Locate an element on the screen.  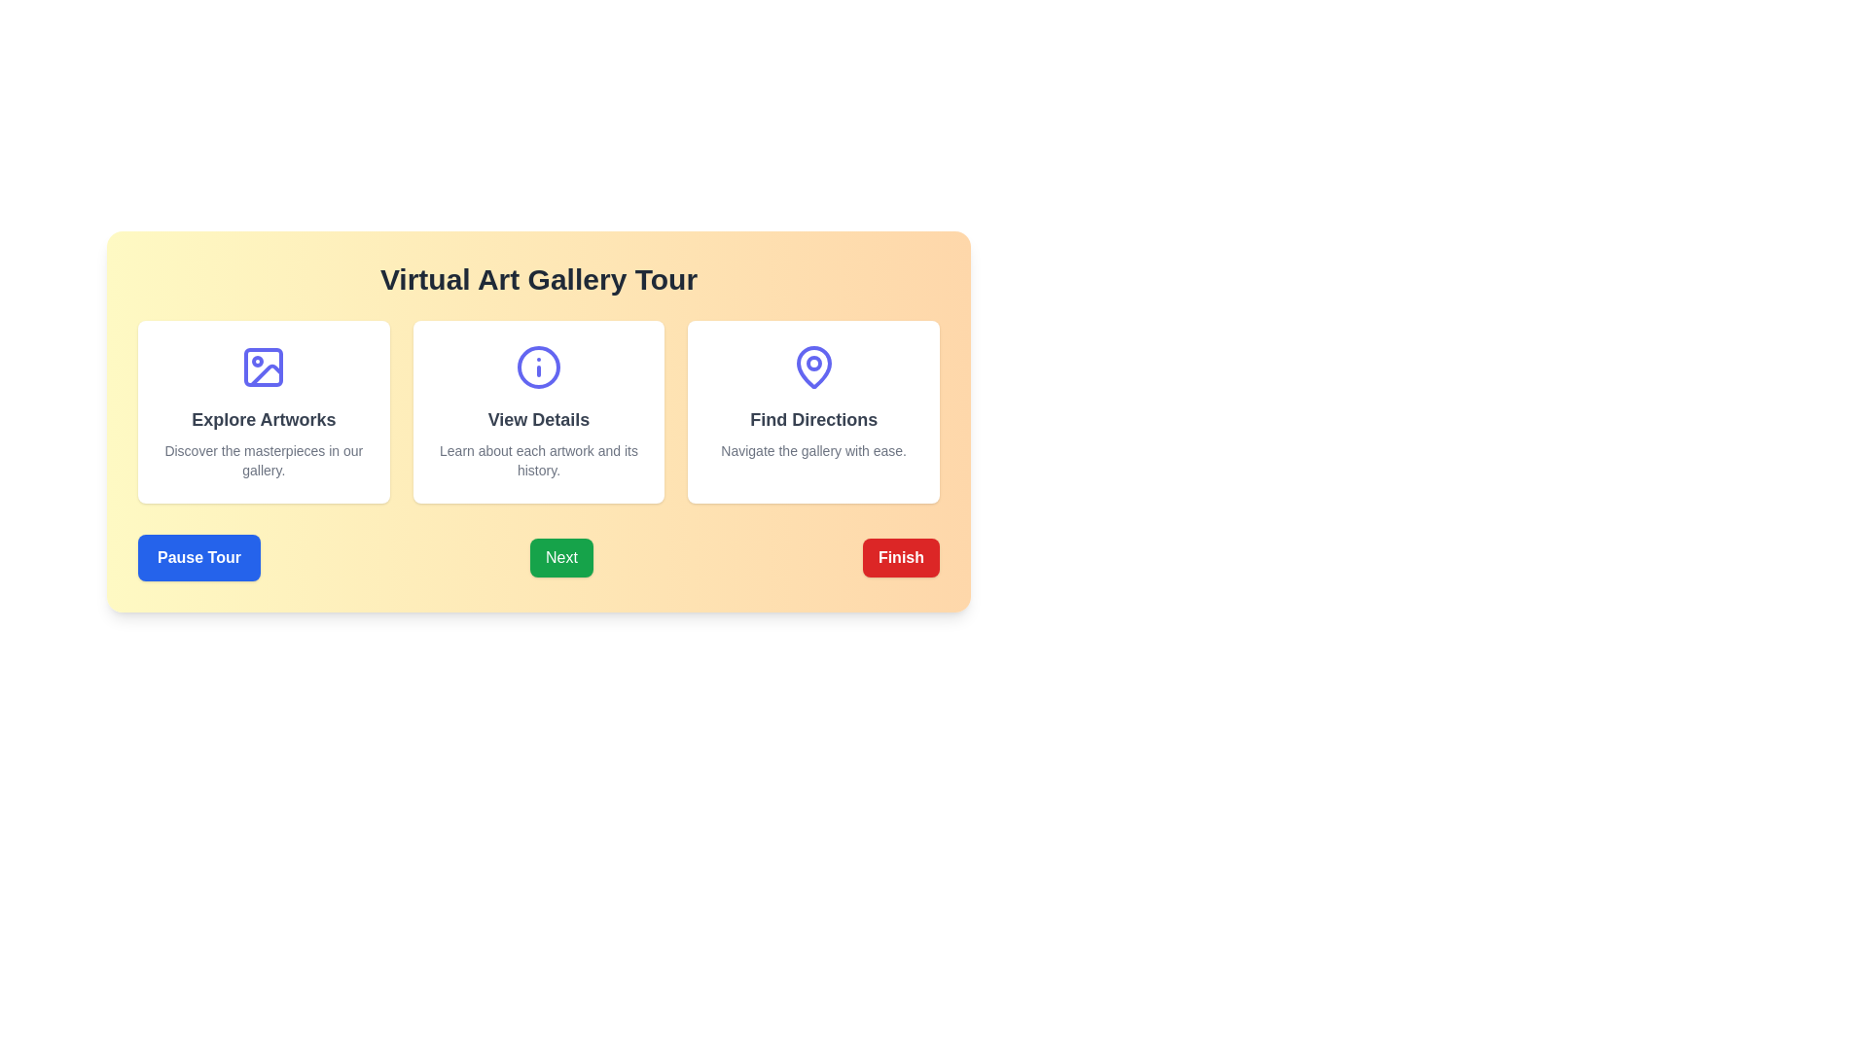
the map pin icon located in the 'Find Directions' card, which is characterized by its rounded drop shape and circular area at the top is located at coordinates (813, 367).